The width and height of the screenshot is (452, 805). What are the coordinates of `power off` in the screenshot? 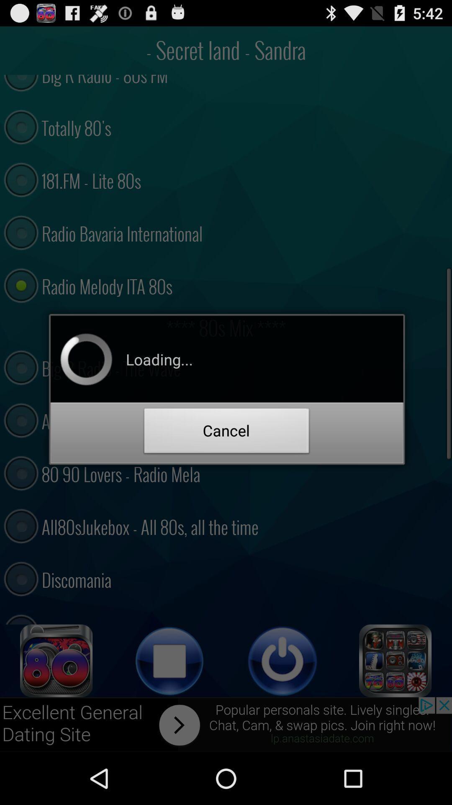 It's located at (282, 660).